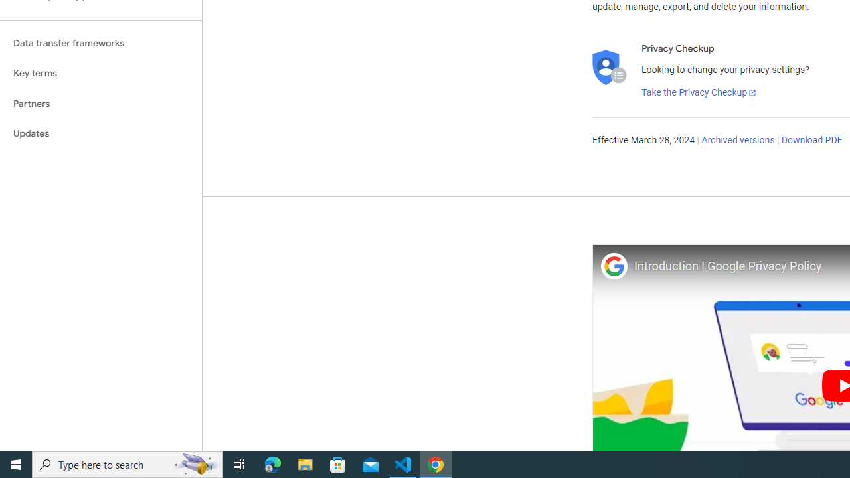 The height and width of the screenshot is (478, 850). Describe the element at coordinates (100, 42) in the screenshot. I see `'Data transfer frameworks'` at that location.